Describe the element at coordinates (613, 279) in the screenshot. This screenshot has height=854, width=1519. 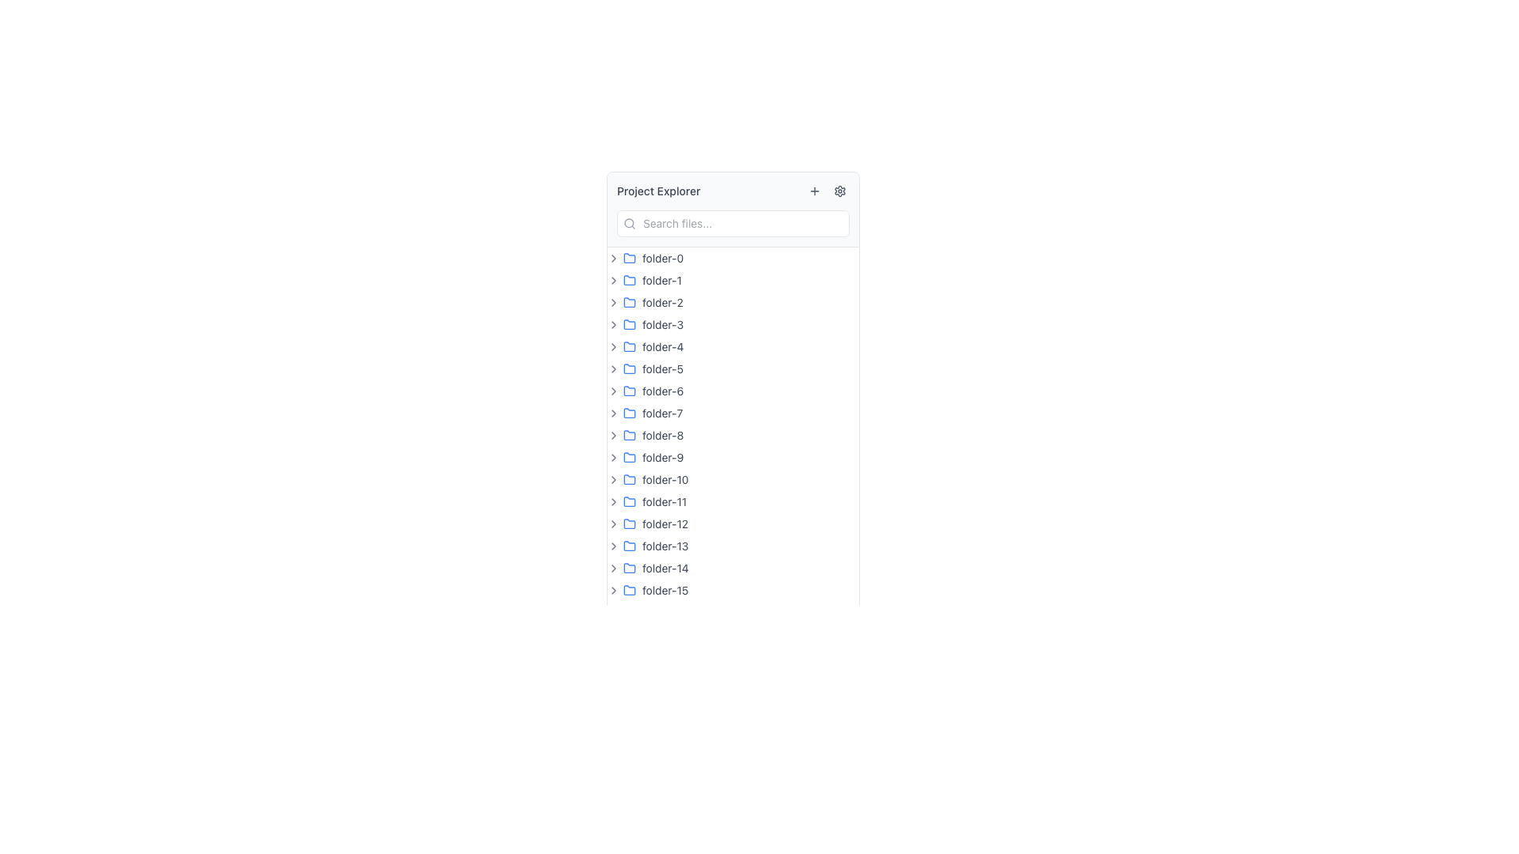
I see `the chevron icon` at that location.